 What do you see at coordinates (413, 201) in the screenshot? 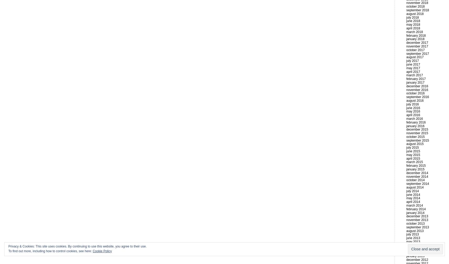
I see `'April 2014'` at bounding box center [413, 201].